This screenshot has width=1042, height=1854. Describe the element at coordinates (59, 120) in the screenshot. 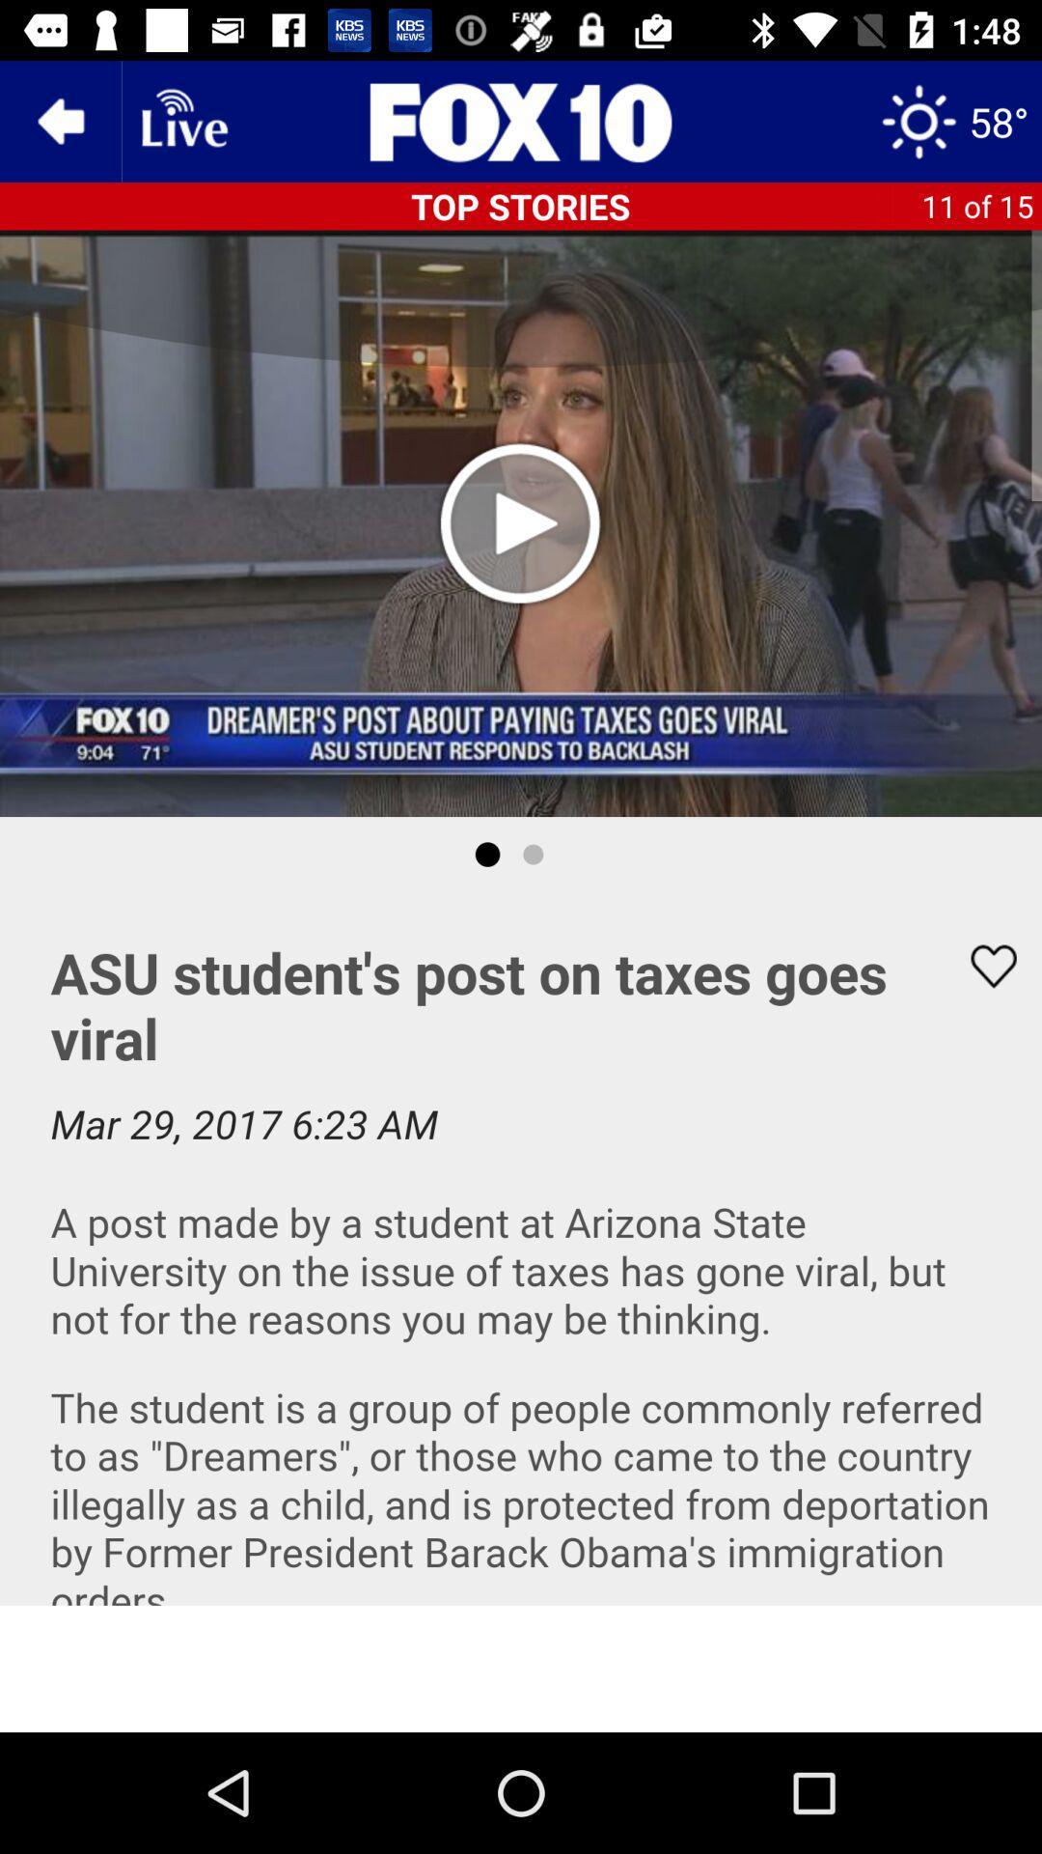

I see `the arrow_backward icon` at that location.